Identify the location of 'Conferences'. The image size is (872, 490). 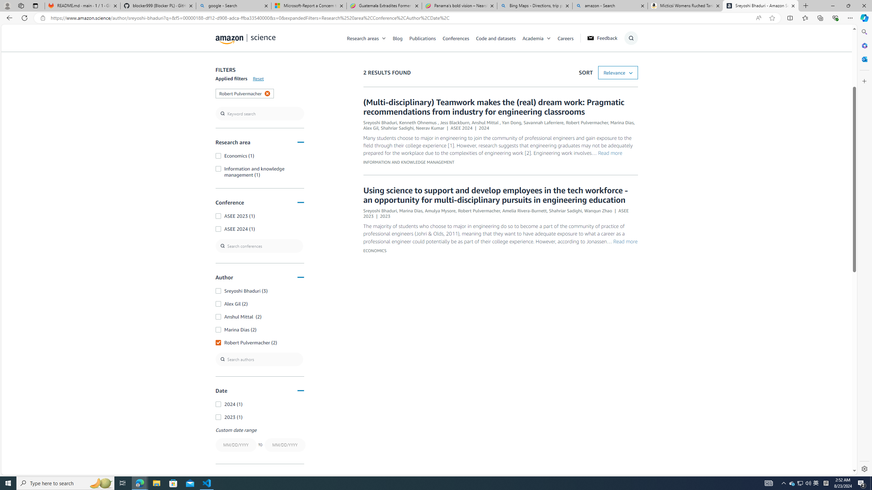
(458, 38).